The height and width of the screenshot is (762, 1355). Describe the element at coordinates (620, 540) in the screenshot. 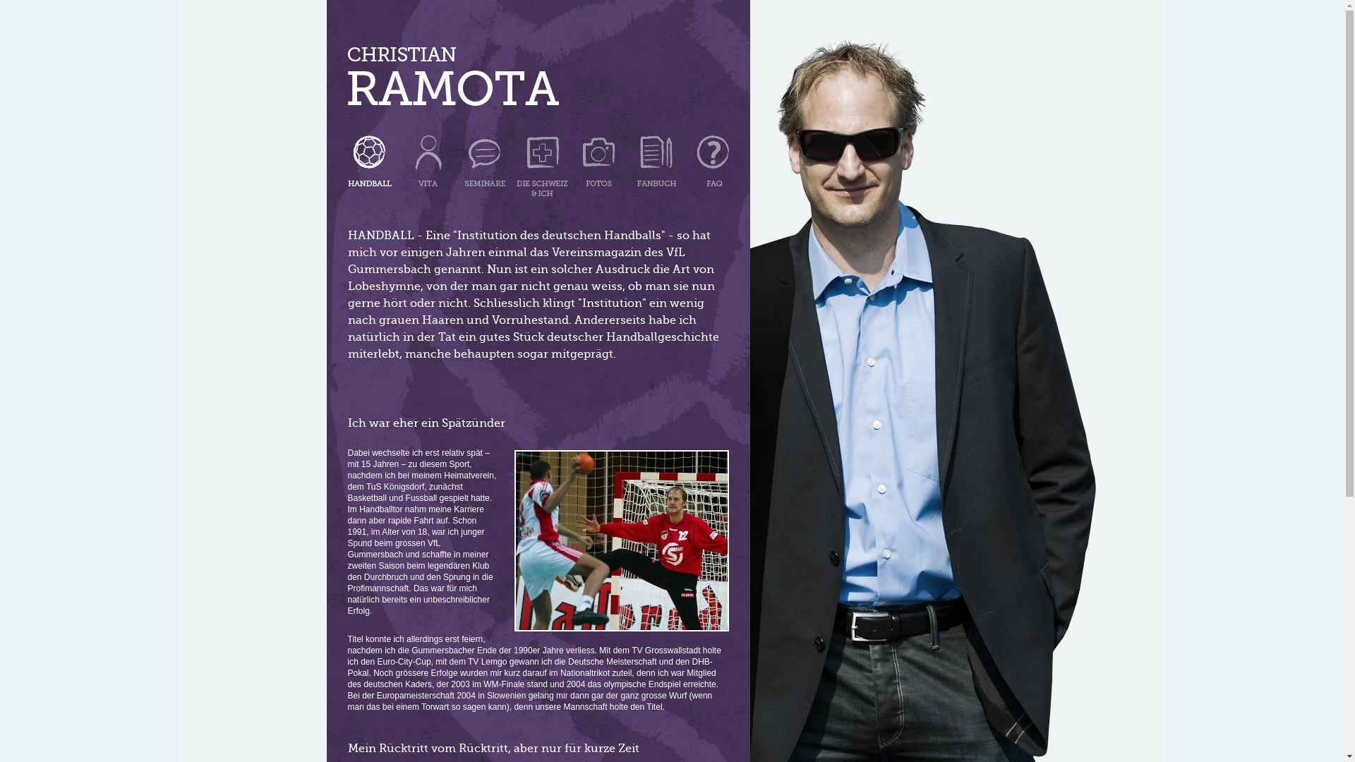

I see `'Handball WM Deutschland - Tunesien'` at that location.